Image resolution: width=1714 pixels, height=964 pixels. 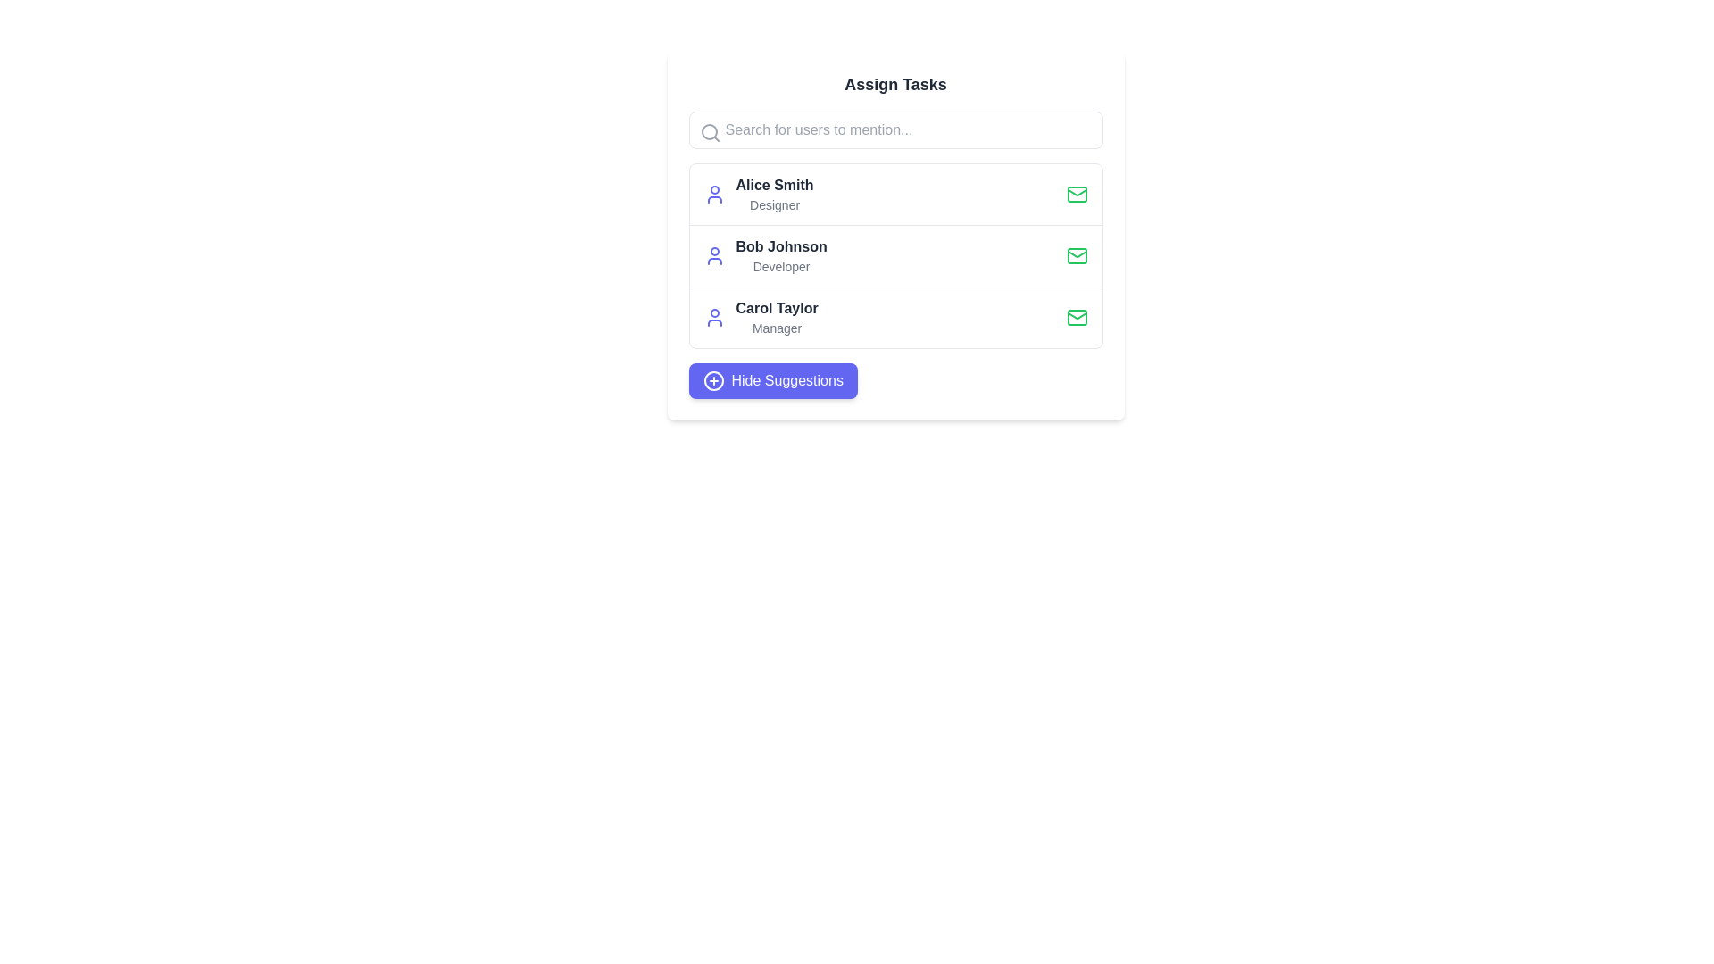 What do you see at coordinates (773, 380) in the screenshot?
I see `the 'Hide Suggestions' button, which has a blue background with white text and a circular plus icon` at bounding box center [773, 380].